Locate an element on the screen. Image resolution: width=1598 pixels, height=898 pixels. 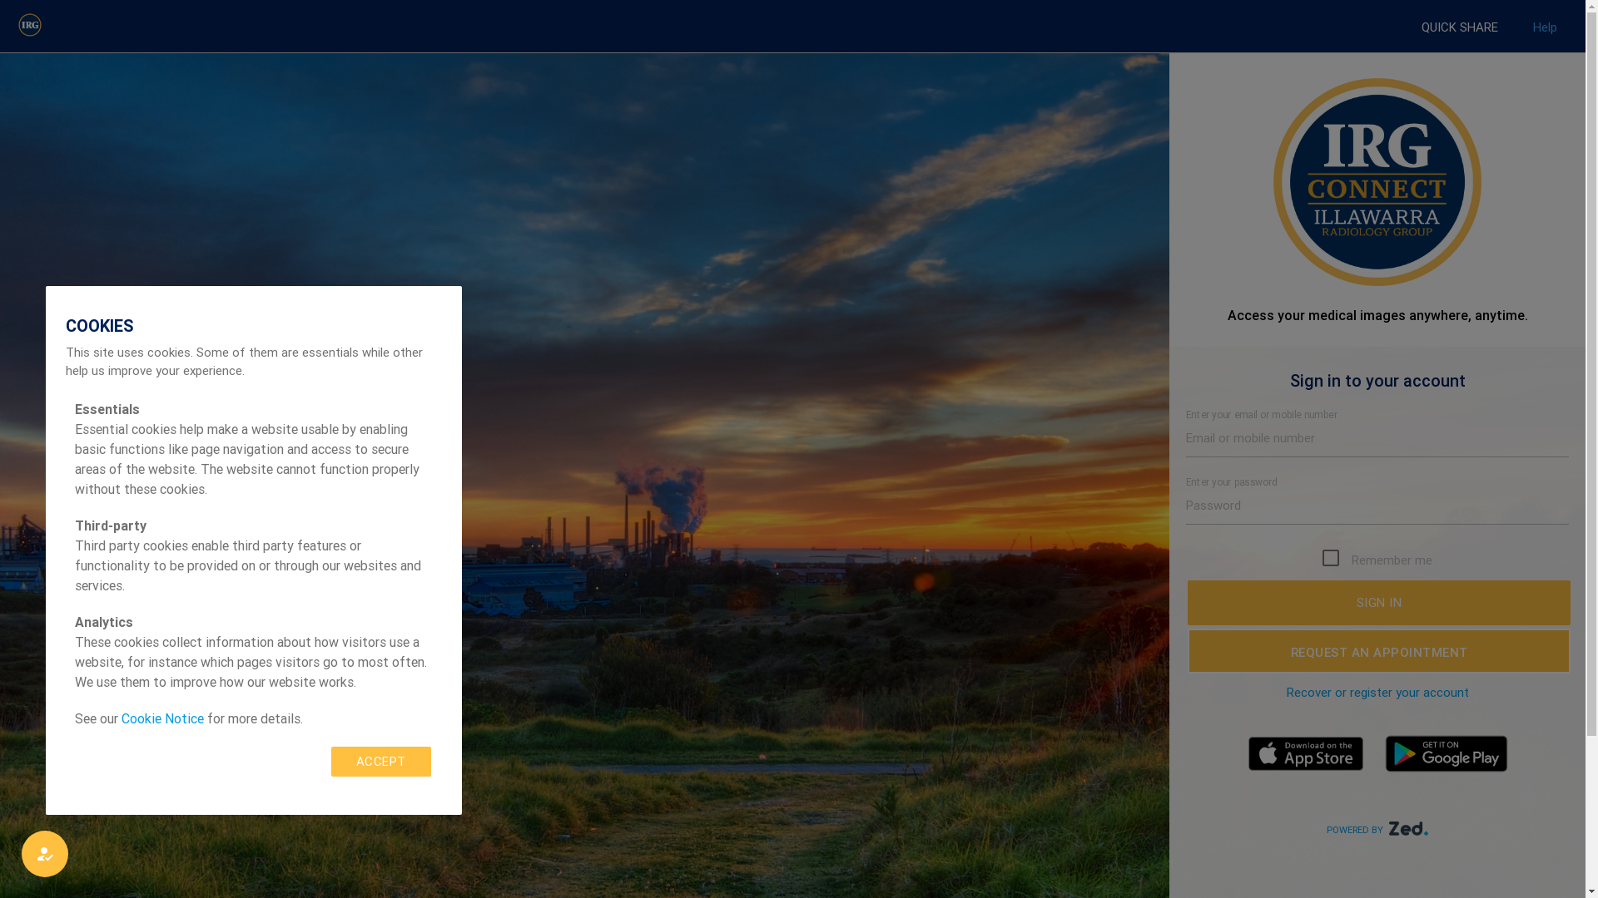
'QUICK SHARE' is located at coordinates (1458, 27).